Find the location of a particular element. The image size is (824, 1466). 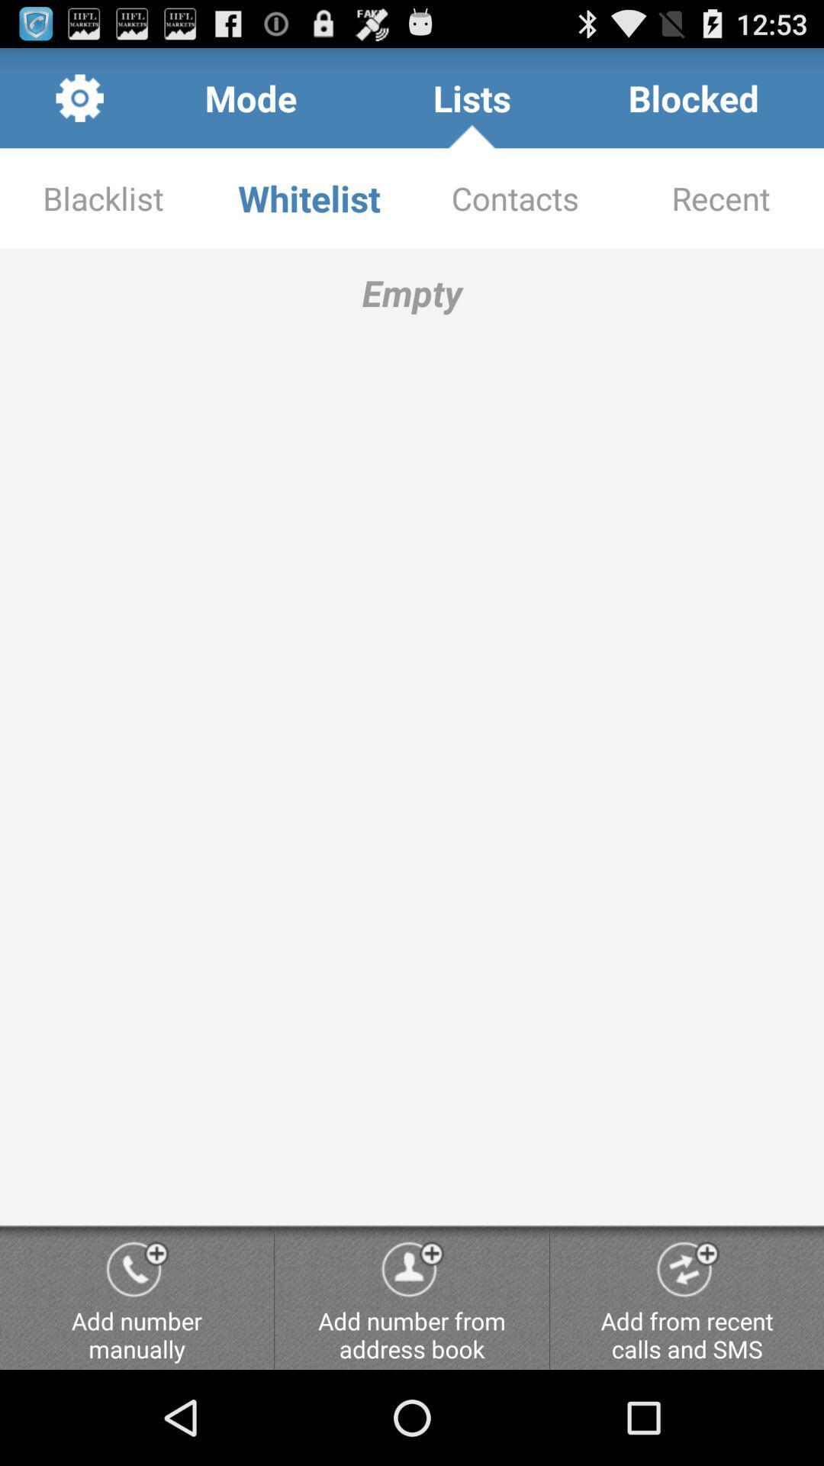

app next to whitelist icon is located at coordinates (103, 197).